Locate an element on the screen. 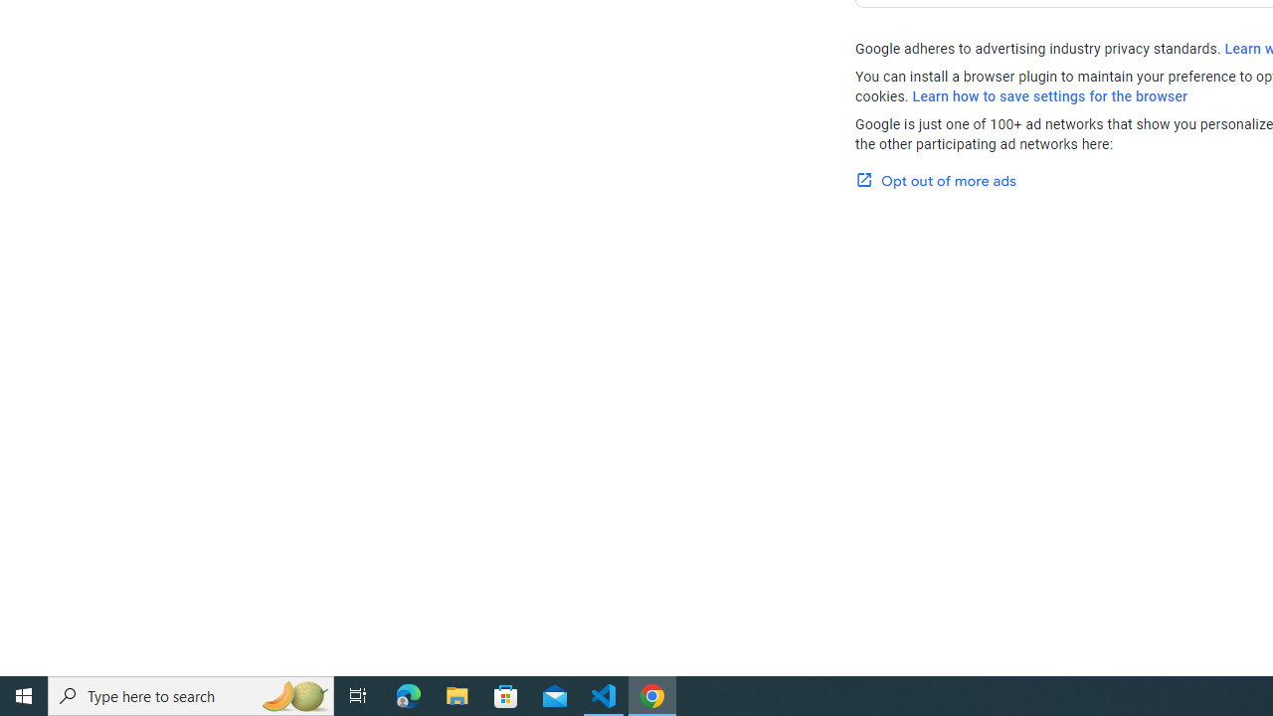 The width and height of the screenshot is (1273, 716). 'Learn how to save settings for the browser' is located at coordinates (1049, 96).